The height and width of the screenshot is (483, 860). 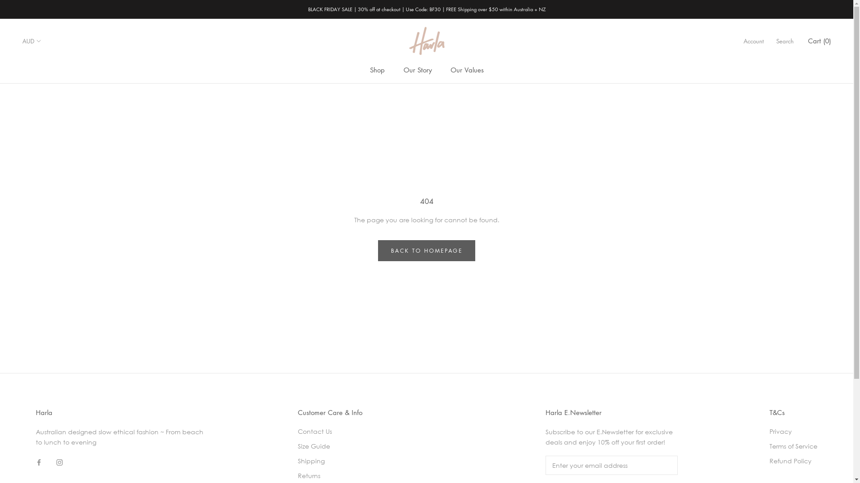 What do you see at coordinates (370, 69) in the screenshot?
I see `'Shop'` at bounding box center [370, 69].